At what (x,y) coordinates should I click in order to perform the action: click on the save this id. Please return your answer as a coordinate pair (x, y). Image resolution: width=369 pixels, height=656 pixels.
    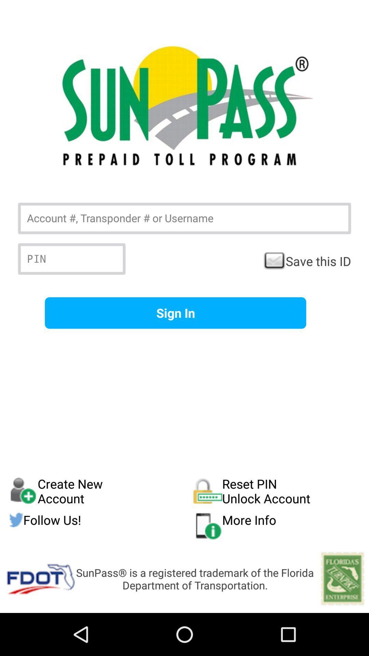
    Looking at the image, I should click on (306, 261).